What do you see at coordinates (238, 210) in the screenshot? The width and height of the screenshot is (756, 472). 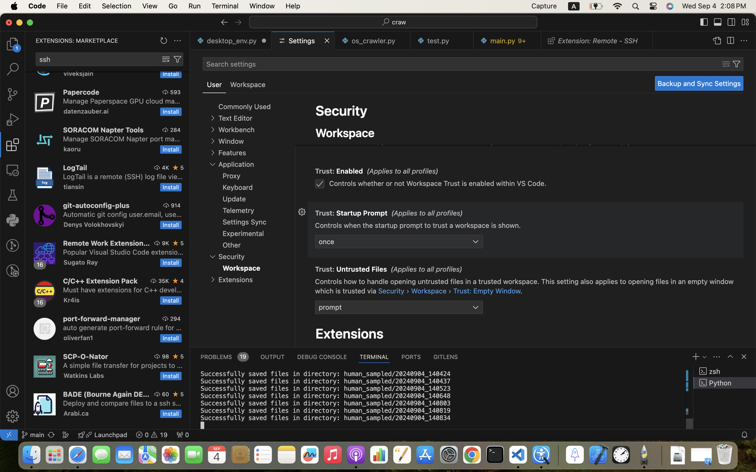 I see `'Telemetry'` at bounding box center [238, 210].